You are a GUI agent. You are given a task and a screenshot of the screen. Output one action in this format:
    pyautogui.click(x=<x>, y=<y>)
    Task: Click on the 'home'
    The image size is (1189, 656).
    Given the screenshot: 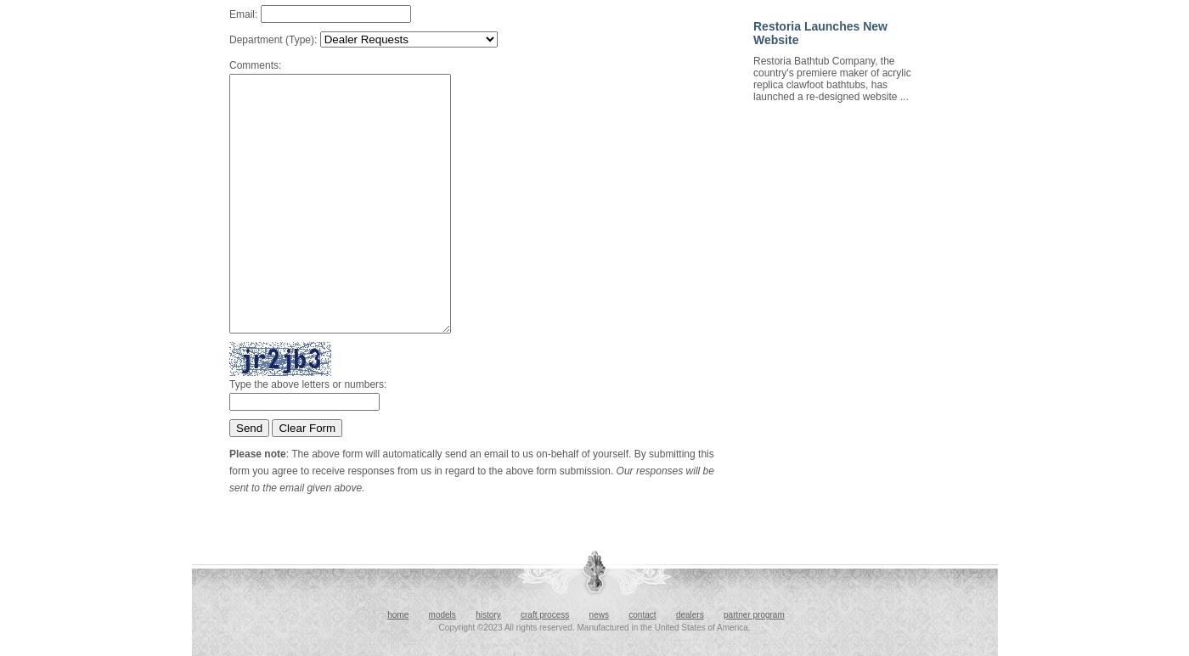 What is the action you would take?
    pyautogui.click(x=386, y=614)
    